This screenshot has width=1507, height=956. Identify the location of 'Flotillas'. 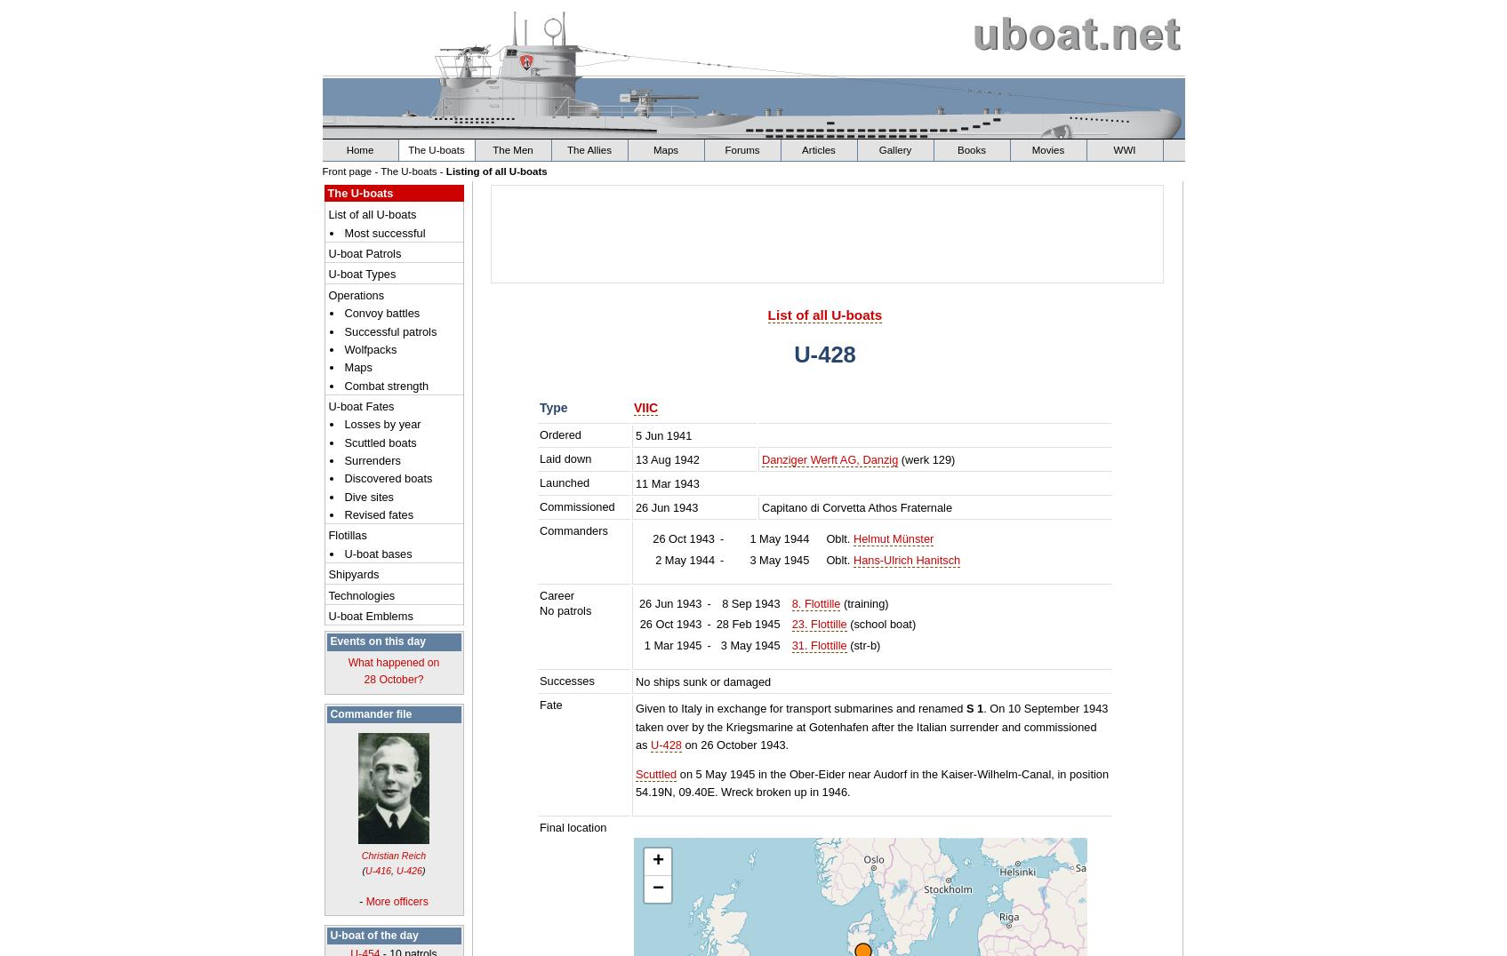
(346, 535).